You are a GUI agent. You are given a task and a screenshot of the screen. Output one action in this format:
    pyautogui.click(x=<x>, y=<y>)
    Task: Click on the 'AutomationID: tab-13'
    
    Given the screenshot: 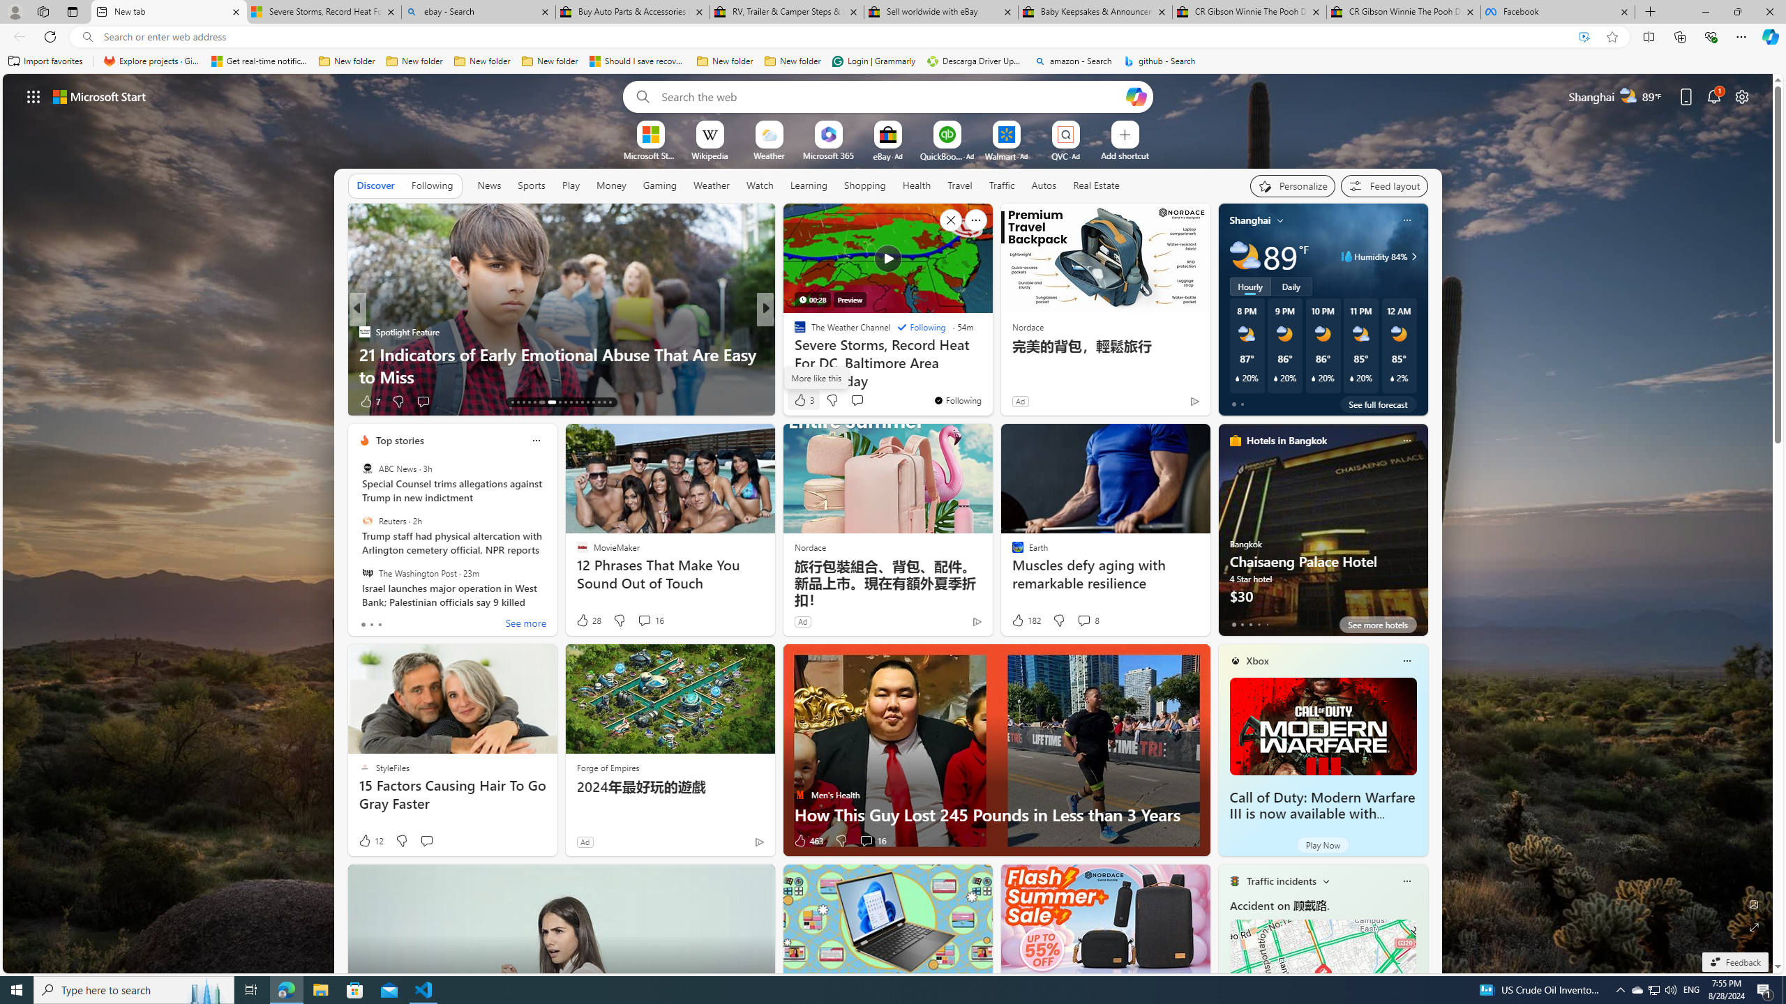 What is the action you would take?
    pyautogui.click(x=511, y=402)
    